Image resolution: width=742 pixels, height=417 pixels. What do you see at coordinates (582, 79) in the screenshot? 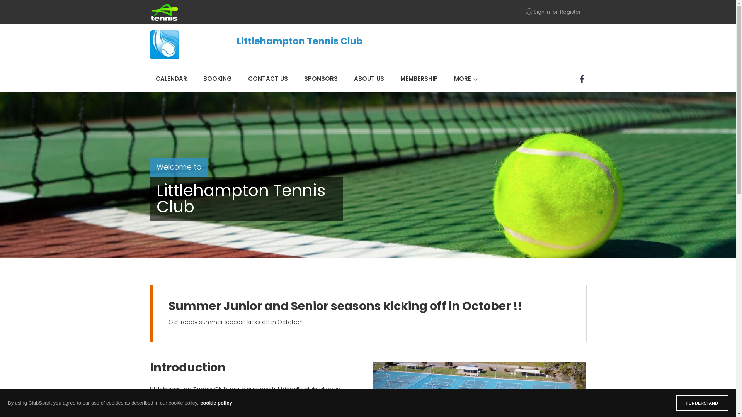
I see `'Facebook'` at bounding box center [582, 79].